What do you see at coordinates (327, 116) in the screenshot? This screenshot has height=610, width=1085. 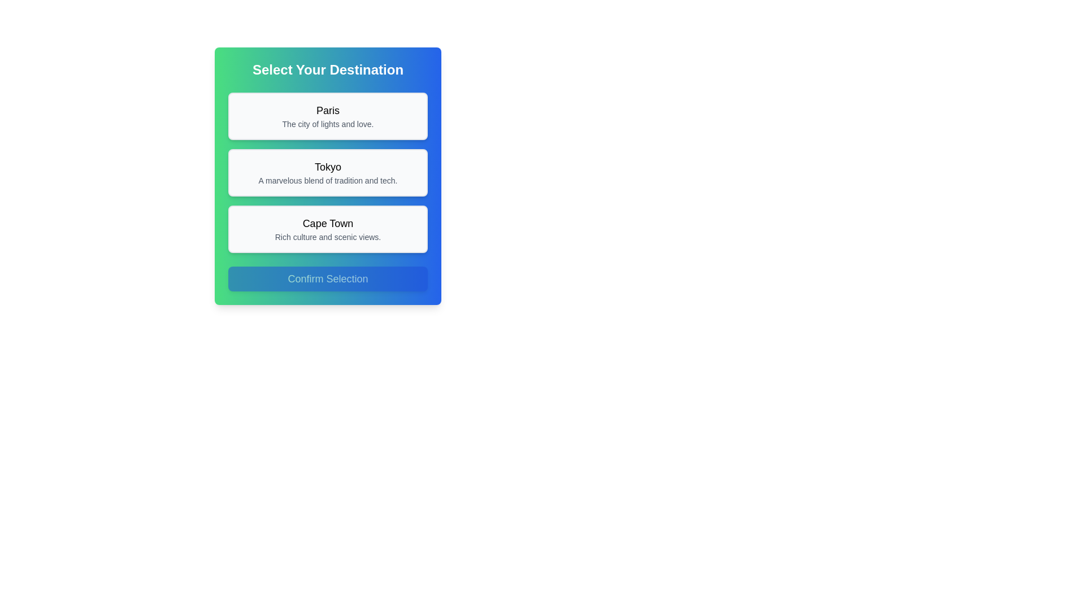 I see `the Information card labeled 'Paris', which is the first card in a vertical list of three` at bounding box center [327, 116].